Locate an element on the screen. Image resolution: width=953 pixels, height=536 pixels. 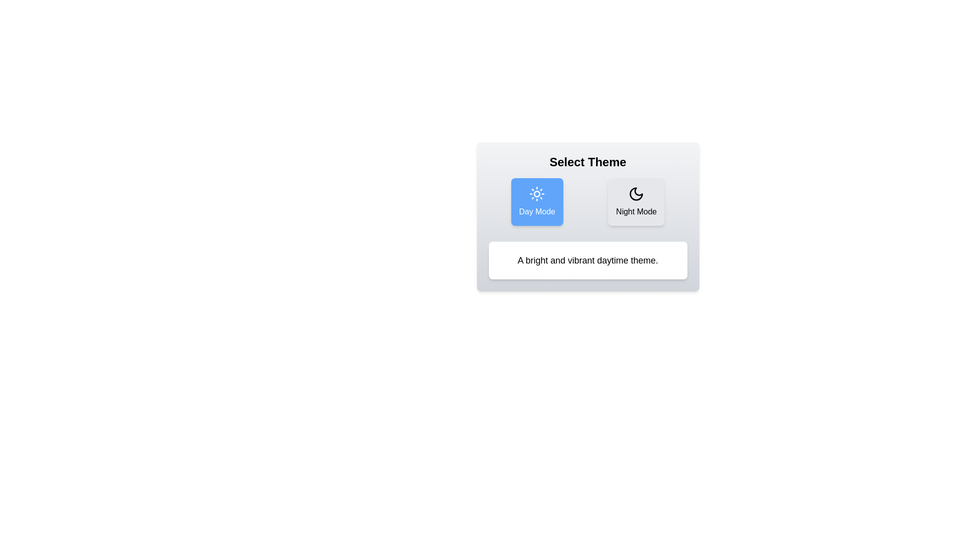
the button corresponding to the theme Night Mode is located at coordinates (636, 201).